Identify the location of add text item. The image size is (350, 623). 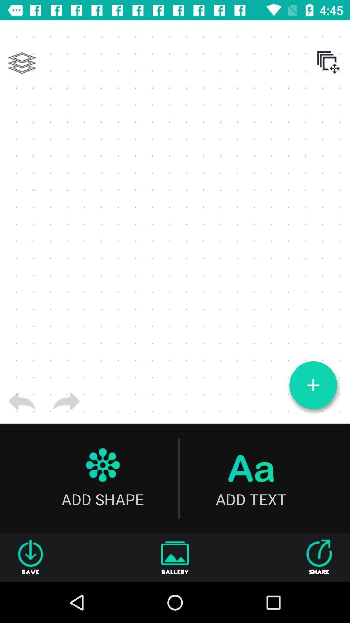
(251, 479).